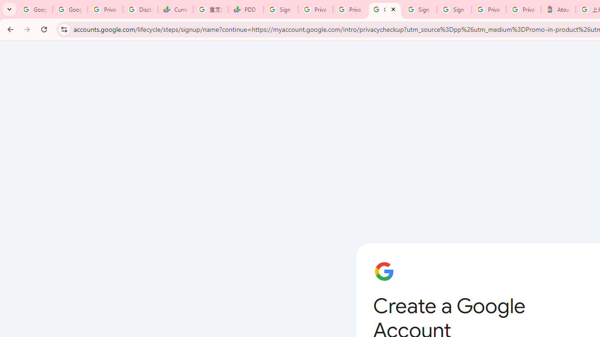 The width and height of the screenshot is (600, 337). What do you see at coordinates (384, 9) in the screenshot?
I see `'Create your Google Account'` at bounding box center [384, 9].